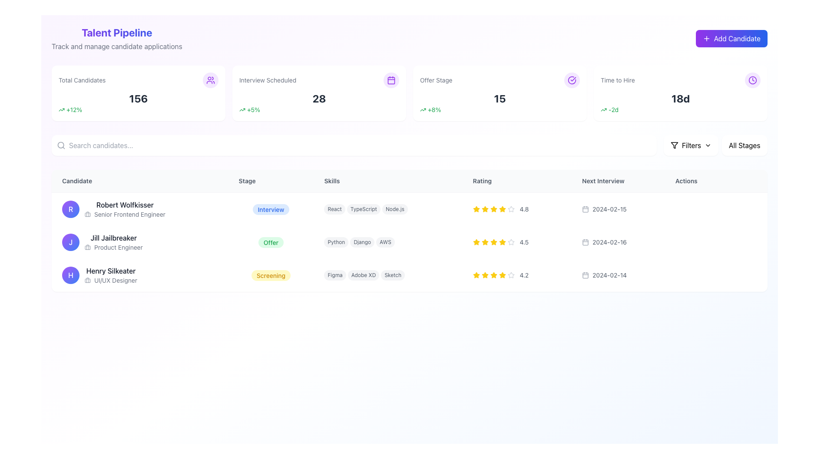 This screenshot has height=469, width=834. Describe the element at coordinates (502, 209) in the screenshot. I see `the fifth star icon in the 'Rating' column of the first table row for 'Robert Wolfkisser' to potentially modify its state` at that location.